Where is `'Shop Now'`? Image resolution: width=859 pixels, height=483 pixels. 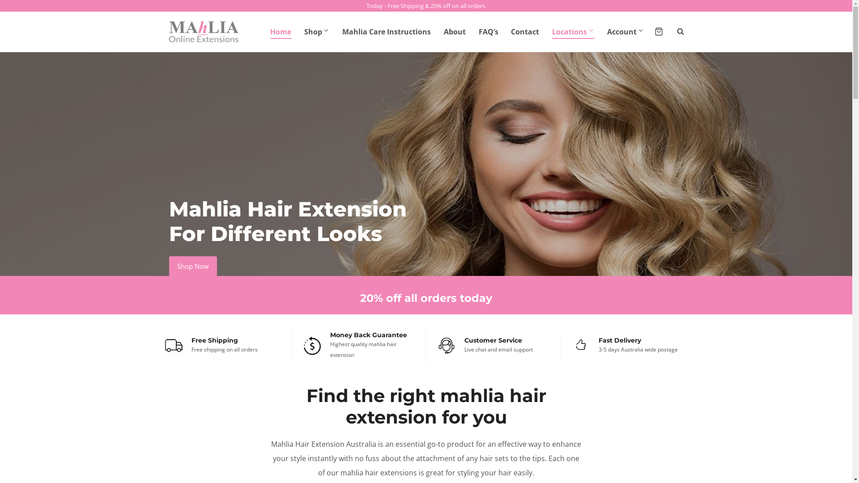 'Shop Now' is located at coordinates (192, 265).